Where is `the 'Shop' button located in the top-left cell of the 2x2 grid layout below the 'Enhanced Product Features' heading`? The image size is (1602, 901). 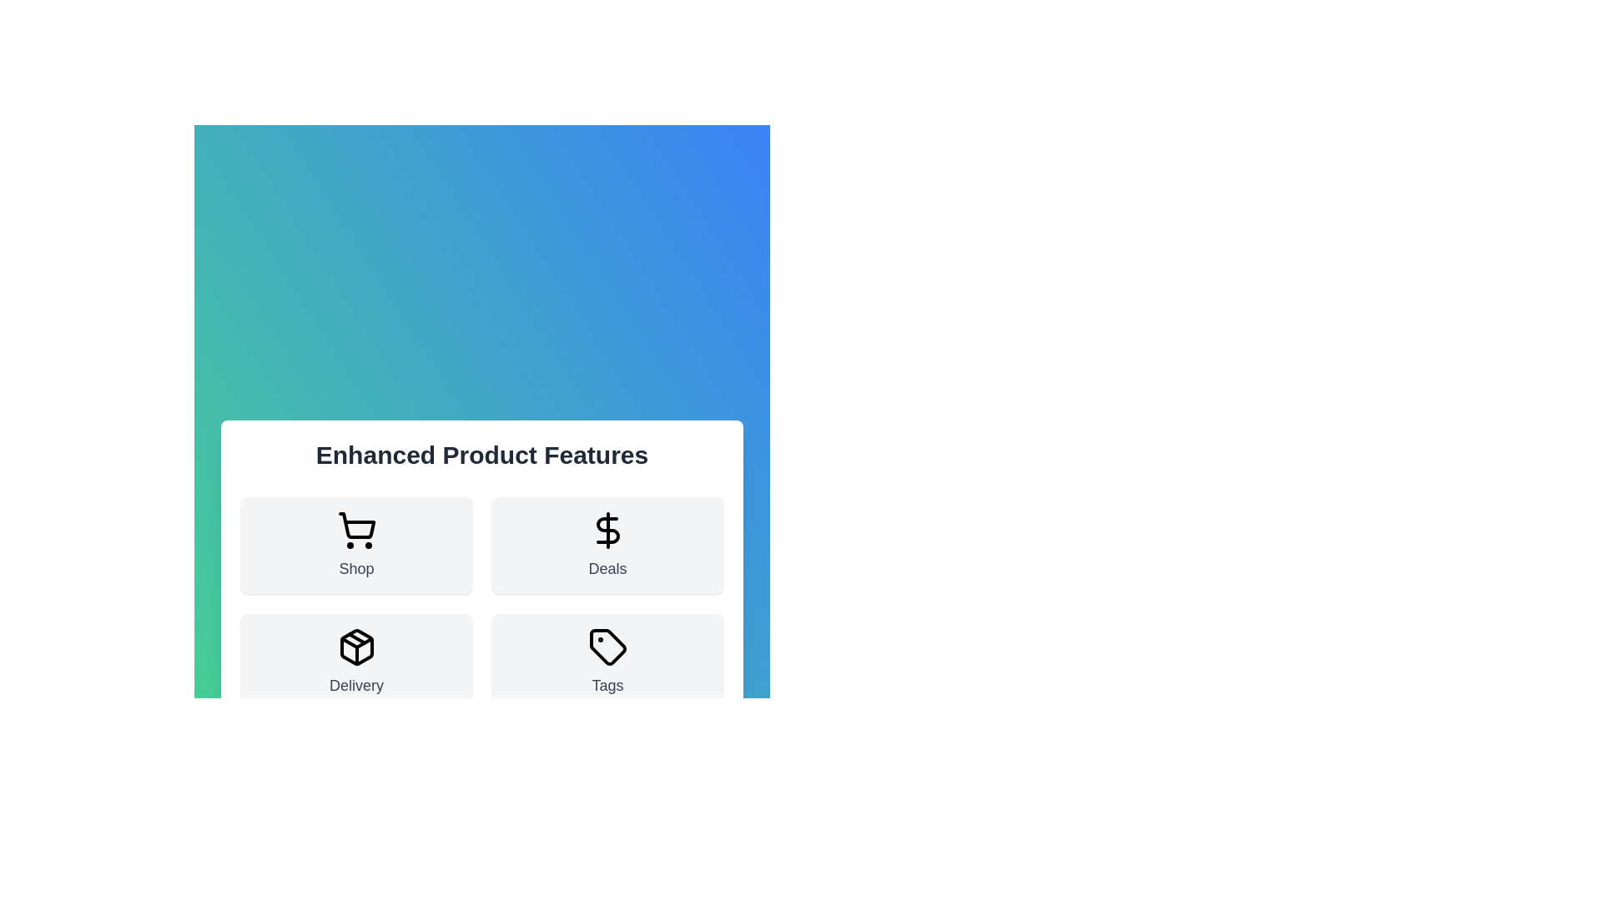
the 'Shop' button located in the top-left cell of the 2x2 grid layout below the 'Enhanced Product Features' heading is located at coordinates (355, 546).